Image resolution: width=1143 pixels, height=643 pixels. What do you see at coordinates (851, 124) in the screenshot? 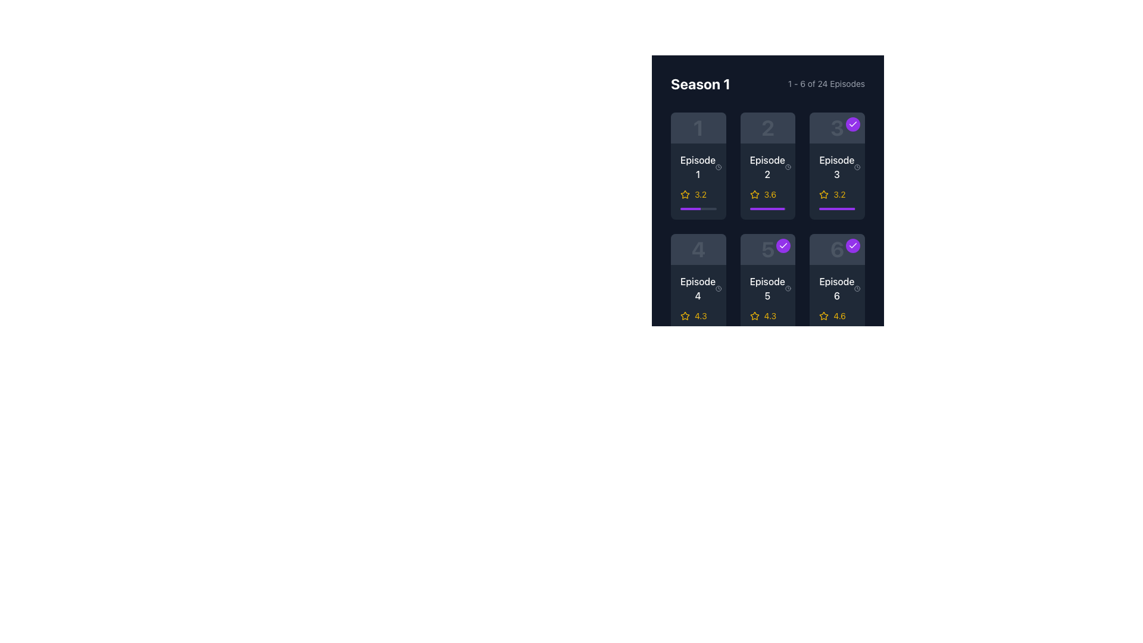
I see `the icon in the top-right corner of the card labeled 'Episode 3'` at bounding box center [851, 124].